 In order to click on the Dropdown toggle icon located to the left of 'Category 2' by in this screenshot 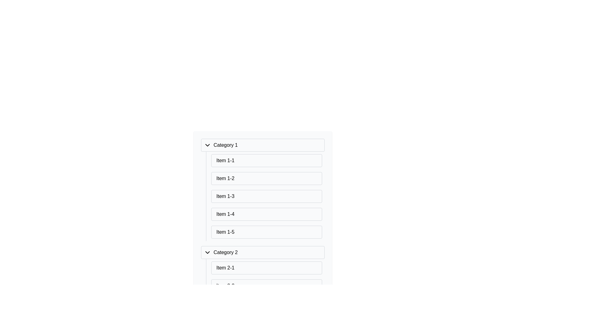, I will do `click(207, 252)`.